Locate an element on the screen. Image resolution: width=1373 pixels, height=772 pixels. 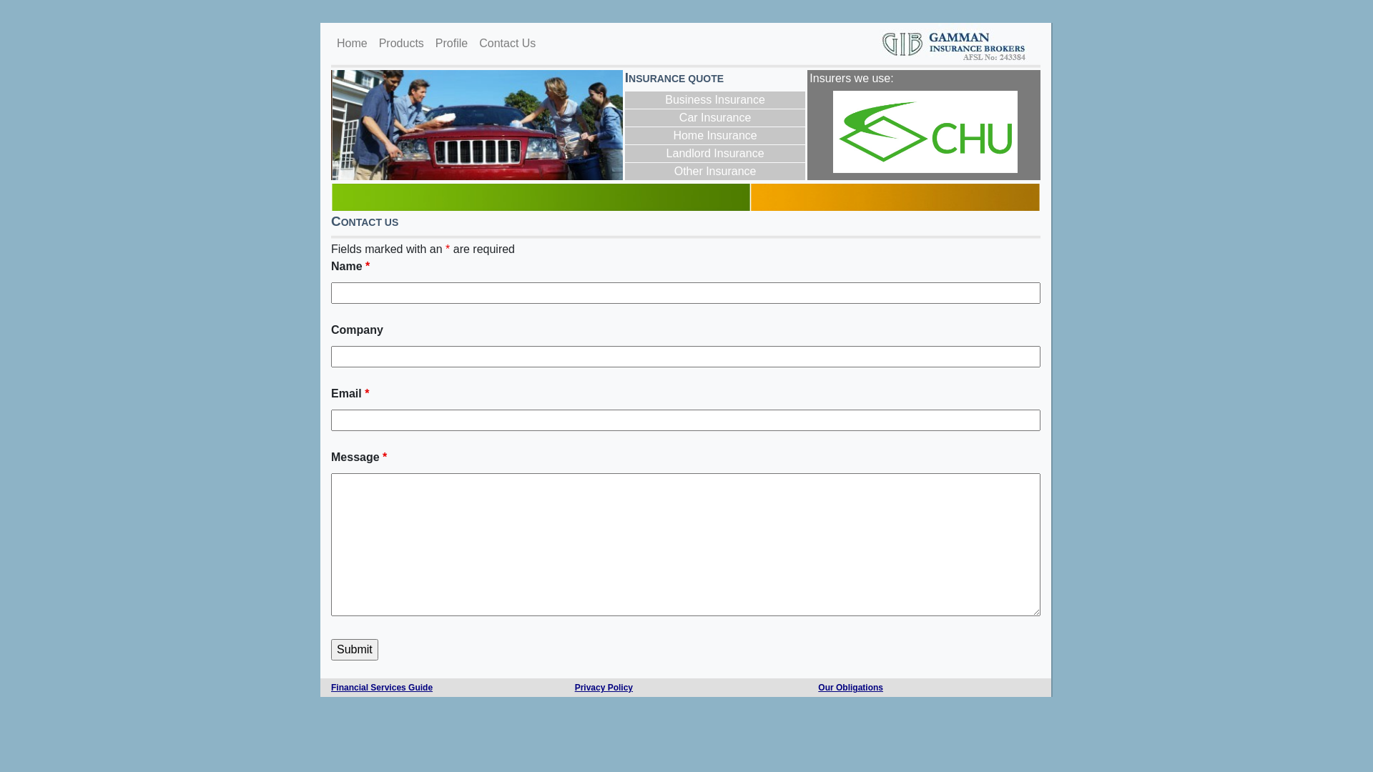
'Privacy Policy' is located at coordinates (604, 686).